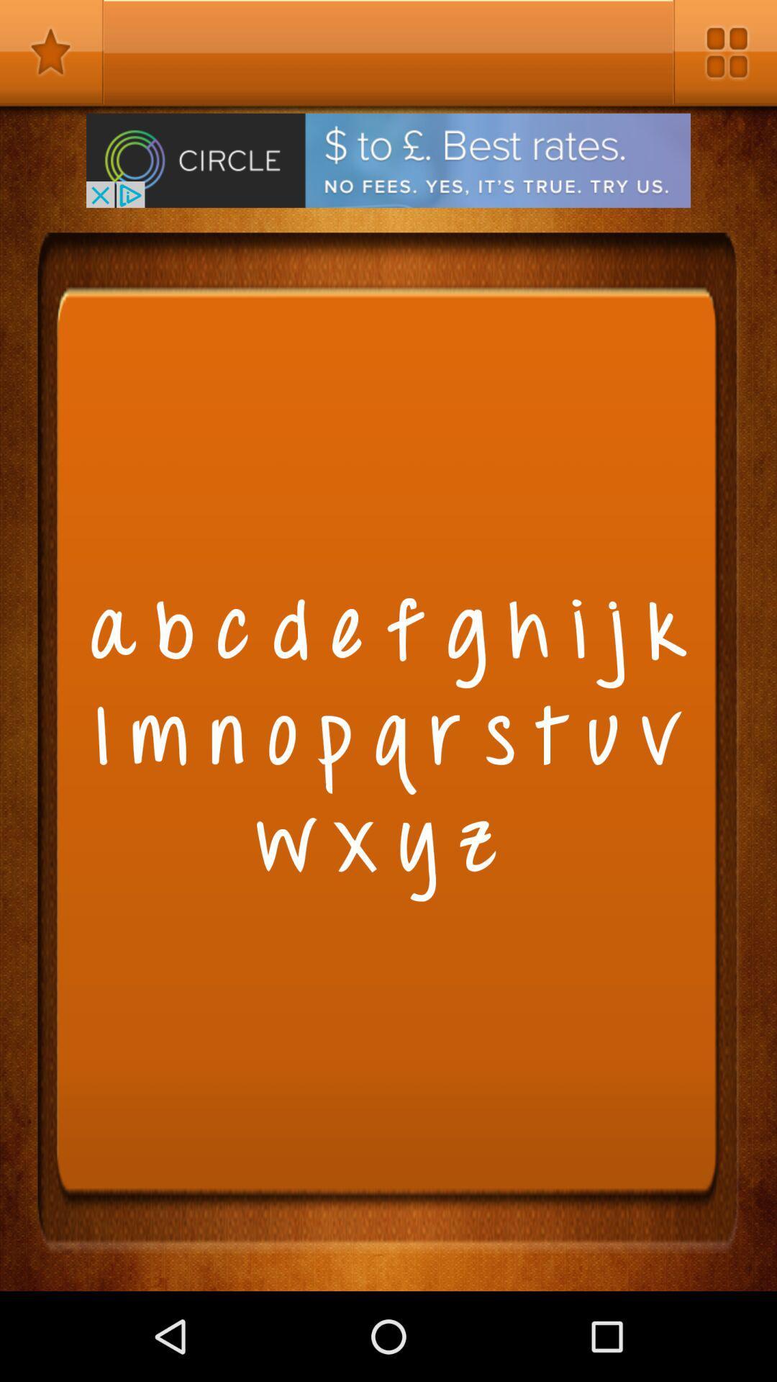  Describe the element at coordinates (388, 161) in the screenshot. I see `announcement` at that location.